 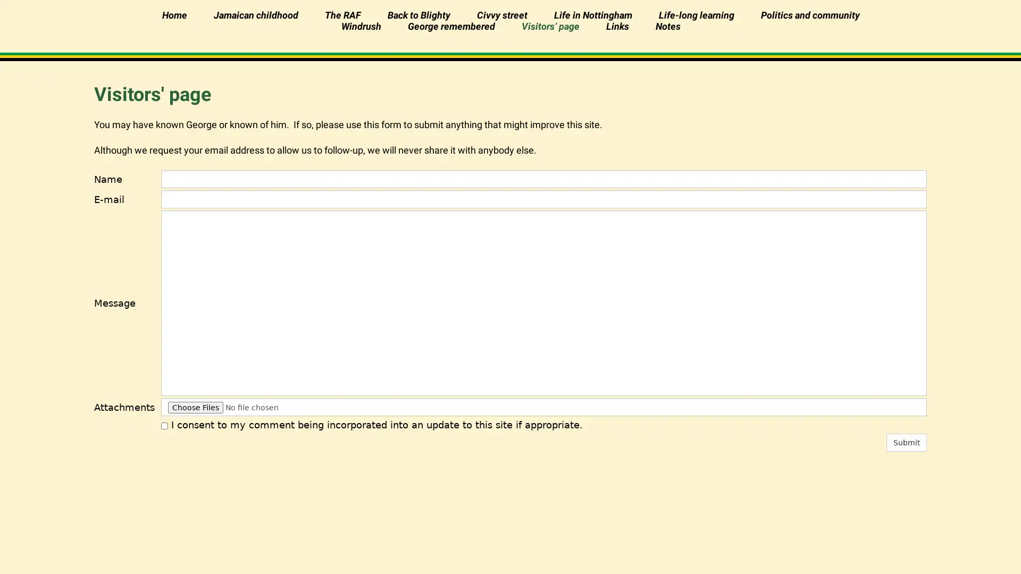 What do you see at coordinates (195, 407) in the screenshot?
I see `Choose Files` at bounding box center [195, 407].